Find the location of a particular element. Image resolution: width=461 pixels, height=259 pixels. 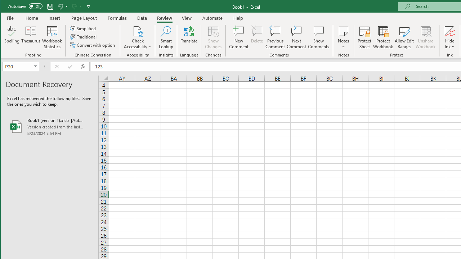

'Automate' is located at coordinates (212, 18).